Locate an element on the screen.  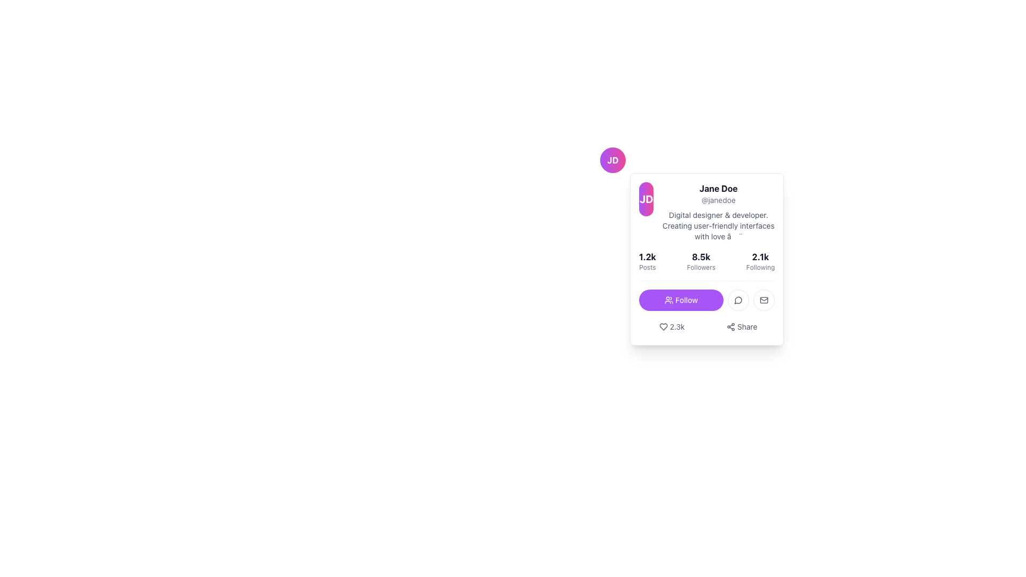
the circular speech bubble icon button with a gray color and rounded outline is located at coordinates (738, 300).